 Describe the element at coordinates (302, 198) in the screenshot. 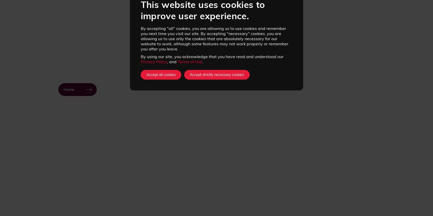

I see `'Facebook'` at that location.